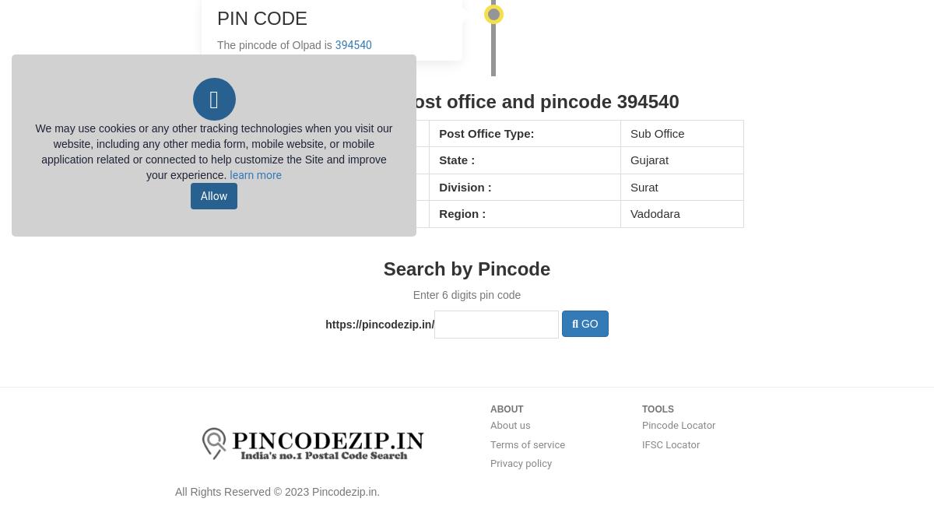  What do you see at coordinates (255, 175) in the screenshot?
I see `'learn more'` at bounding box center [255, 175].